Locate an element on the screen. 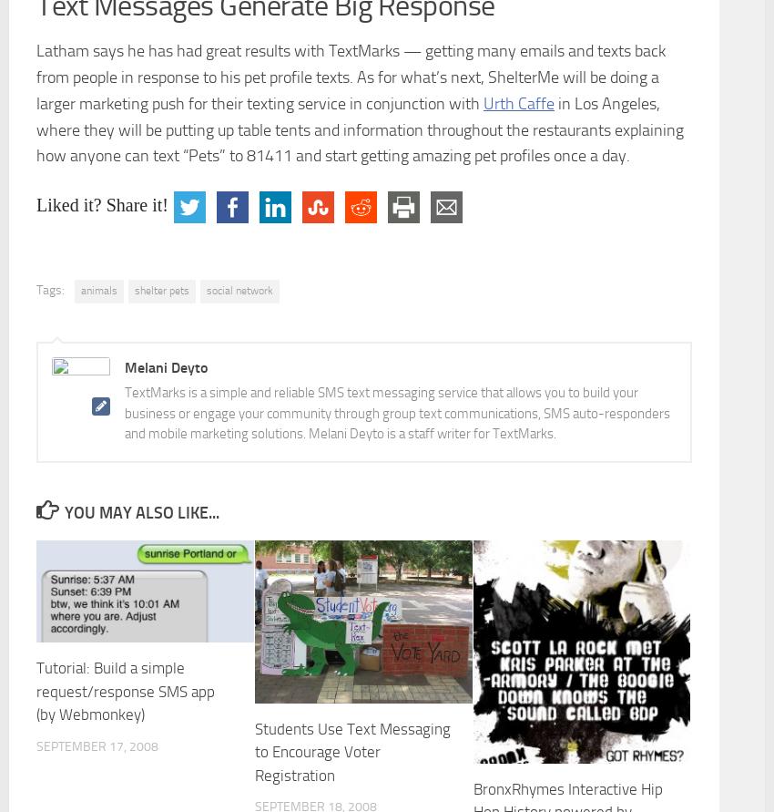 This screenshot has width=774, height=812. 'TextMarks is a simple and reliable SMS text messaging service that allows you to build your business or engage your community through group text communications, SMS auto-responders and mobile marketing solutions. Melani Deyto is a staff writer for TextMarks.' is located at coordinates (396, 412).